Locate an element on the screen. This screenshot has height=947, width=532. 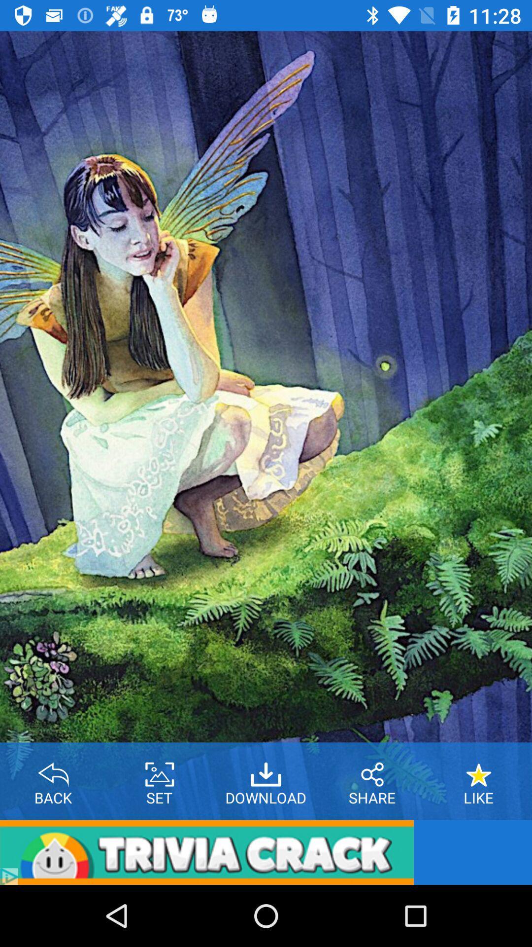
settings optiob is located at coordinates (159, 770).